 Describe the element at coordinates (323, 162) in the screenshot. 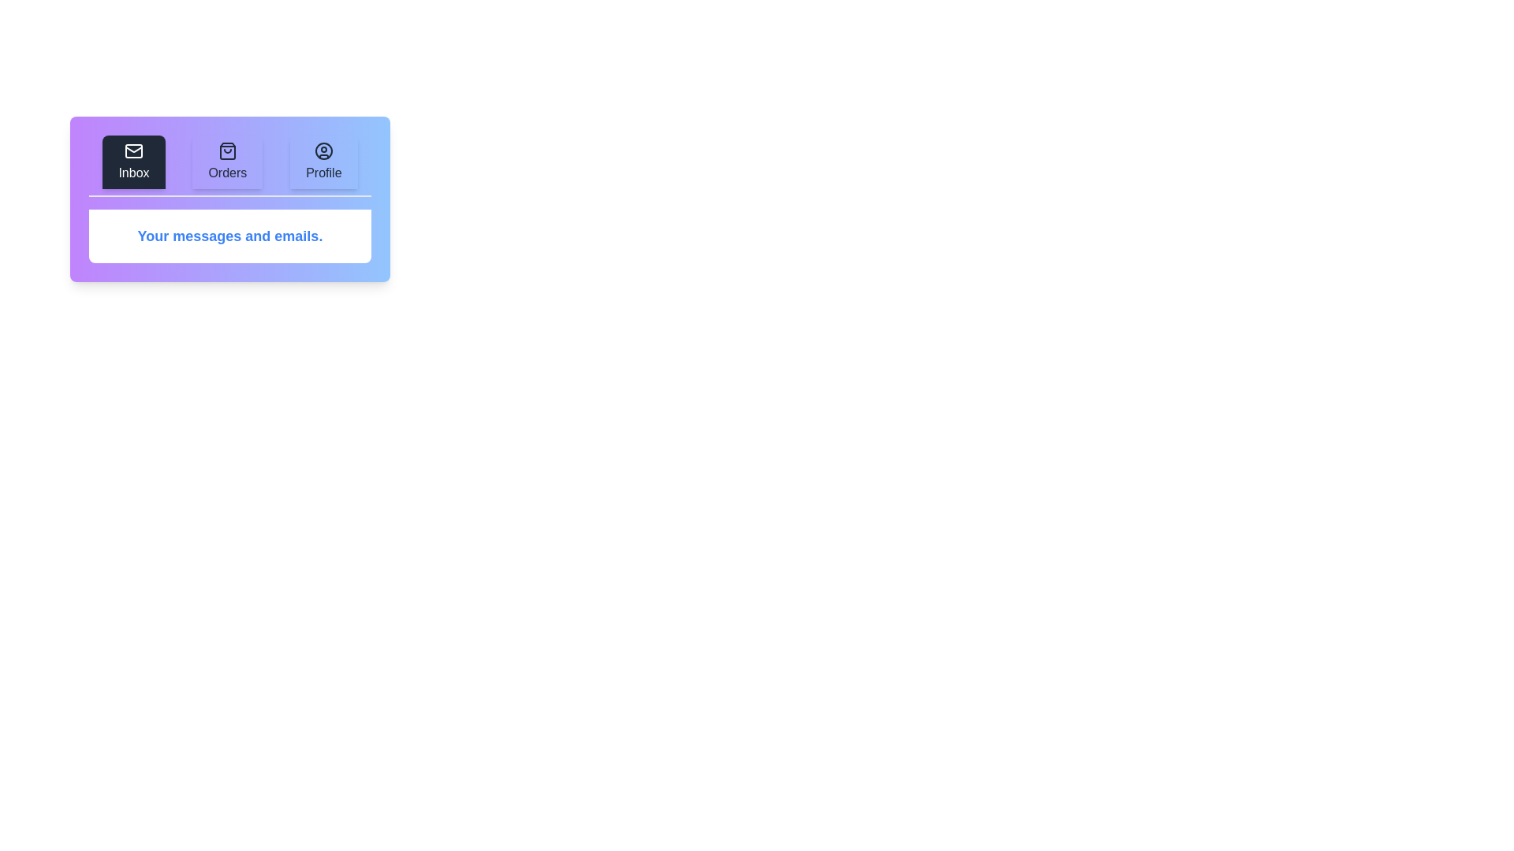

I see `the Profile tab` at that location.